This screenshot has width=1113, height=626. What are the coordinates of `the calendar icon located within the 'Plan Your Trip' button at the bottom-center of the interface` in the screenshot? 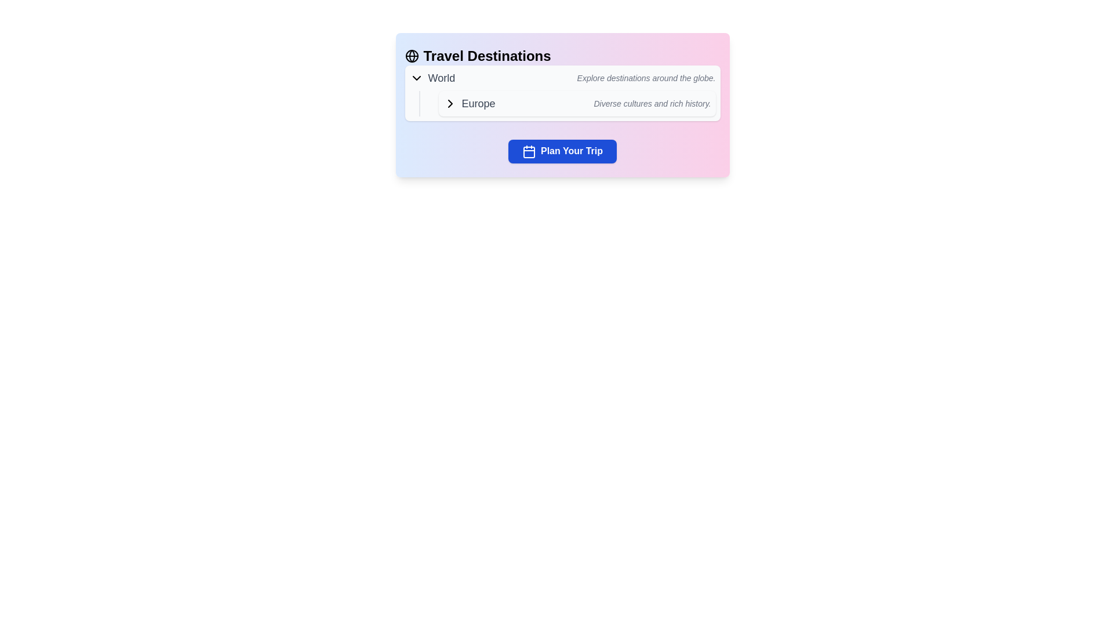 It's located at (528, 151).